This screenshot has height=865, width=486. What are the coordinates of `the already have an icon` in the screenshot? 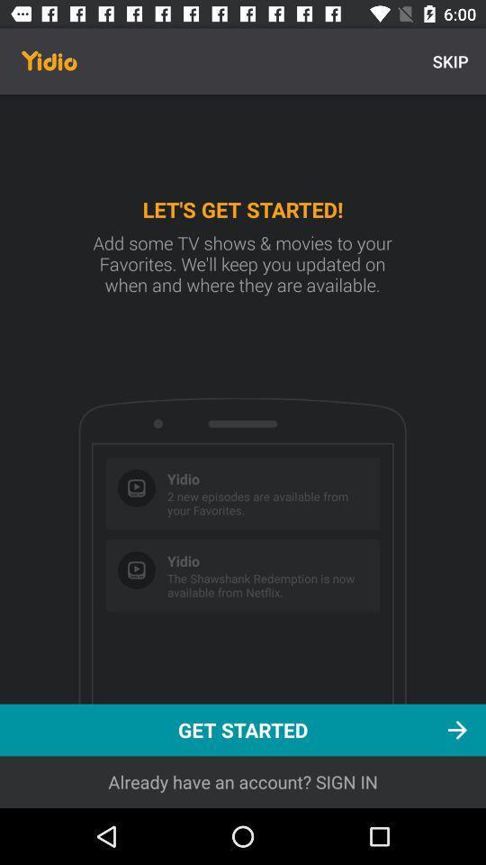 It's located at (243, 781).